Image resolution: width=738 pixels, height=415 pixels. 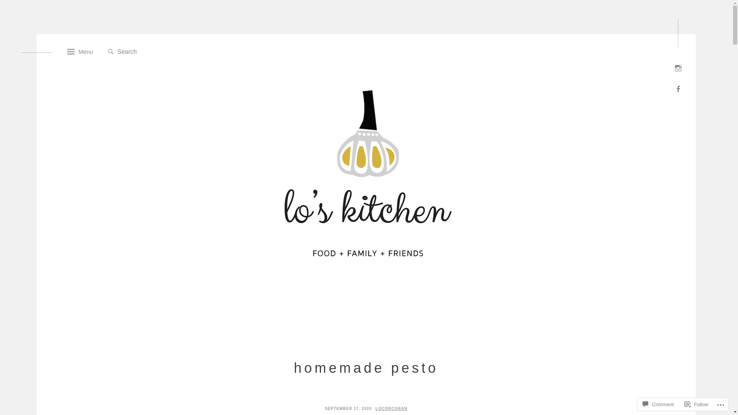 What do you see at coordinates (80, 52) in the screenshot?
I see `'Menu'` at bounding box center [80, 52].